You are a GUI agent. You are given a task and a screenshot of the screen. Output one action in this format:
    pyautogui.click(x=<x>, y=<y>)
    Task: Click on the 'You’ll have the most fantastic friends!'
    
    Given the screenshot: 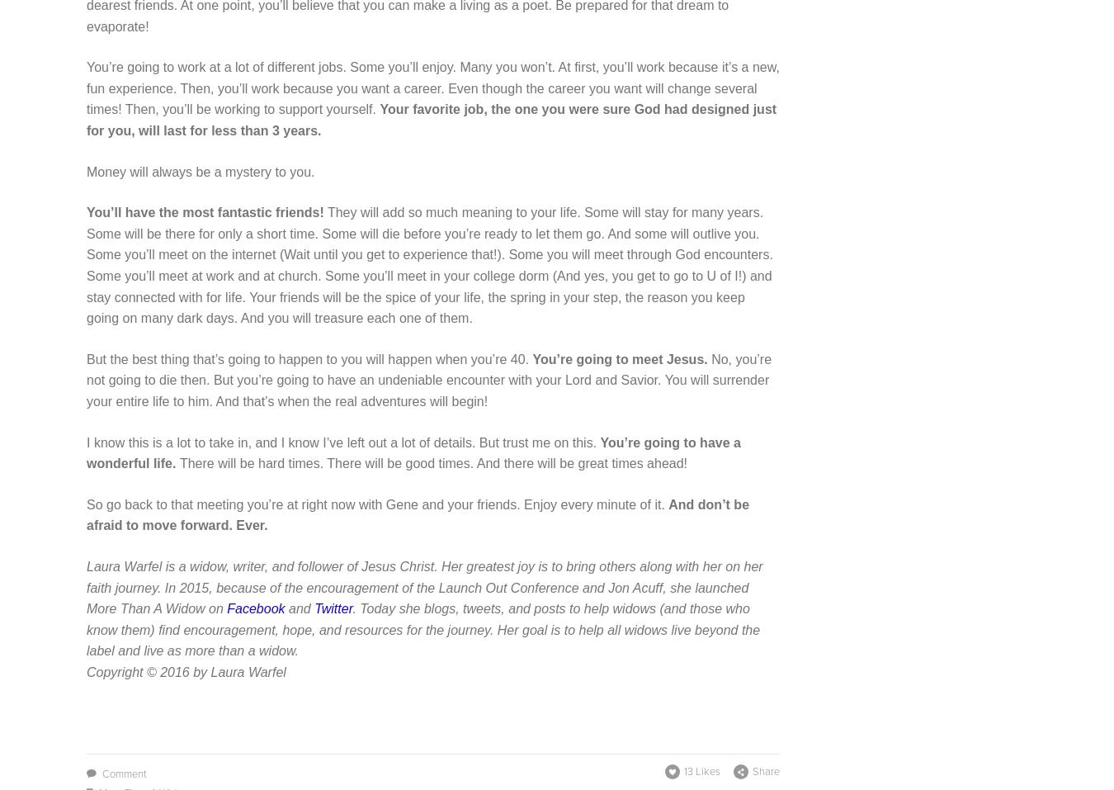 What is the action you would take?
    pyautogui.click(x=86, y=211)
    